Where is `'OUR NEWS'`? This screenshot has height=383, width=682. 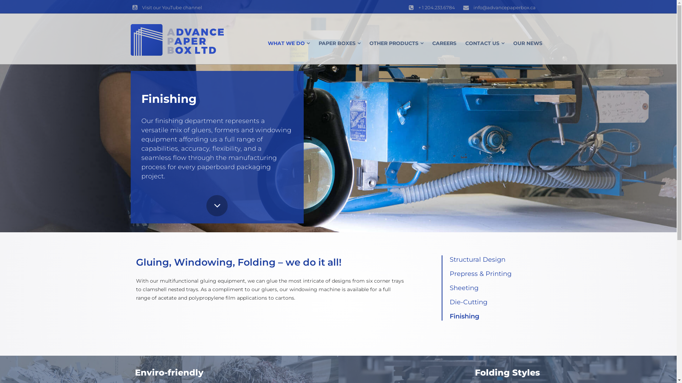 'OUR NEWS' is located at coordinates (527, 43).